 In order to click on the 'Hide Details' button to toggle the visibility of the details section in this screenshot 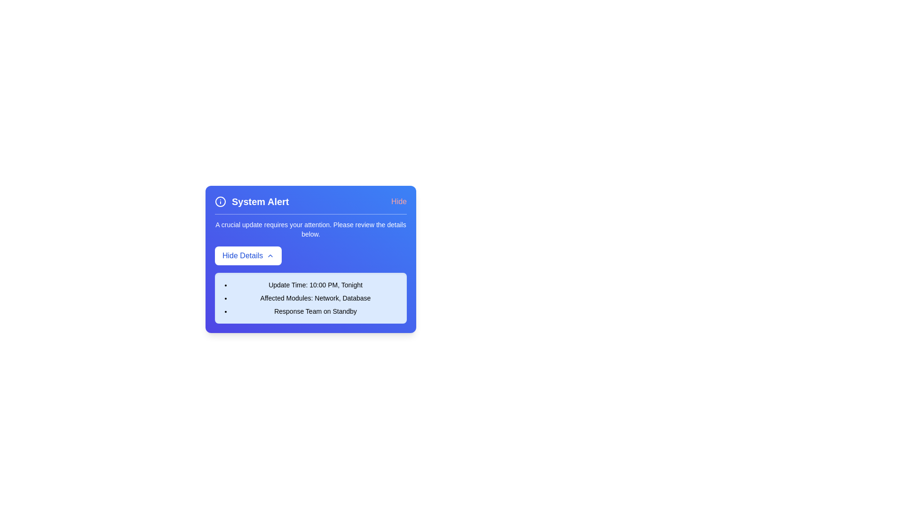, I will do `click(248, 255)`.